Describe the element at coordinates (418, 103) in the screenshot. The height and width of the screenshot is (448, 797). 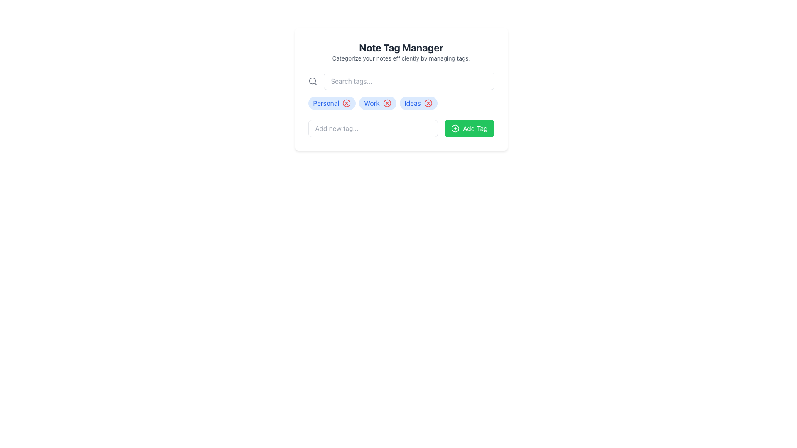
I see `the 'Ideas' category tag in the Note Tag Manager interface` at that location.